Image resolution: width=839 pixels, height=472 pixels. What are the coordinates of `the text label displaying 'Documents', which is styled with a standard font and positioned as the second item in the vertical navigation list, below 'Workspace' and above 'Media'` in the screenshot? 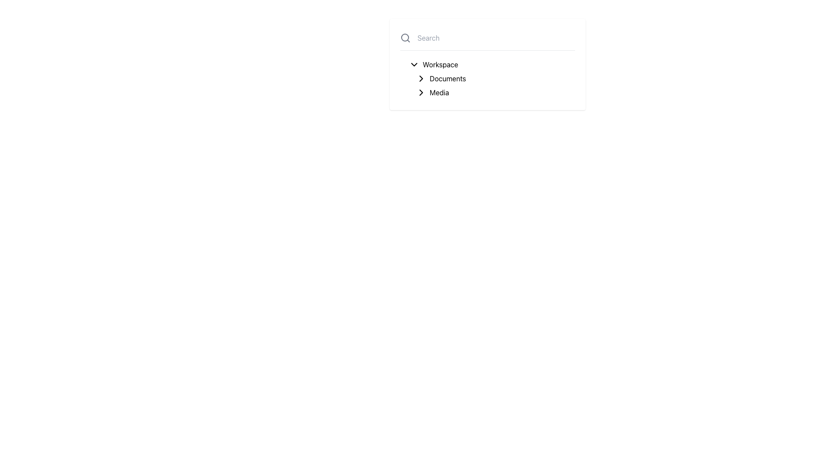 It's located at (447, 79).